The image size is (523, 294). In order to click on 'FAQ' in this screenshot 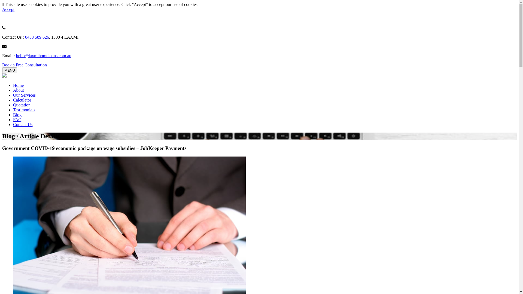, I will do `click(17, 119)`.